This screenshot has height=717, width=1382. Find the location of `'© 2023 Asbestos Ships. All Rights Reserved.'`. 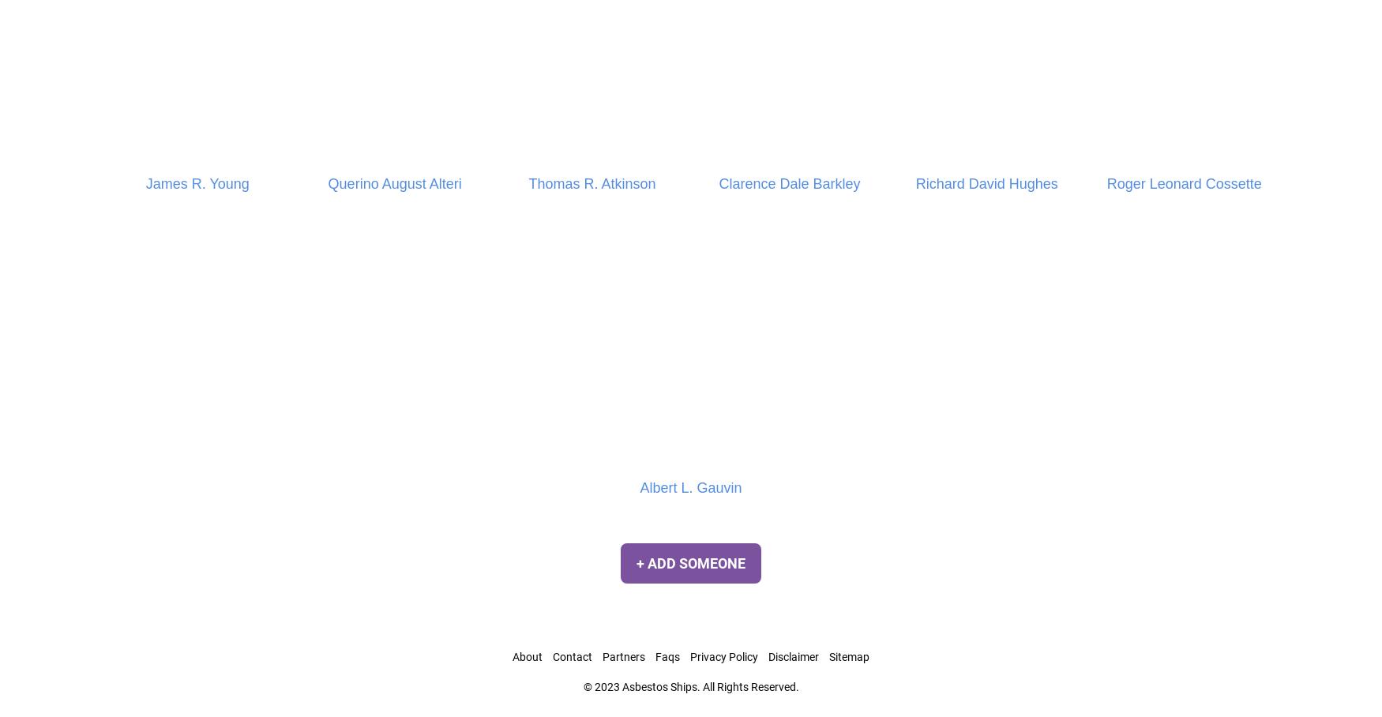

'© 2023 Asbestos Ships. All Rights Reserved.' is located at coordinates (690, 685).